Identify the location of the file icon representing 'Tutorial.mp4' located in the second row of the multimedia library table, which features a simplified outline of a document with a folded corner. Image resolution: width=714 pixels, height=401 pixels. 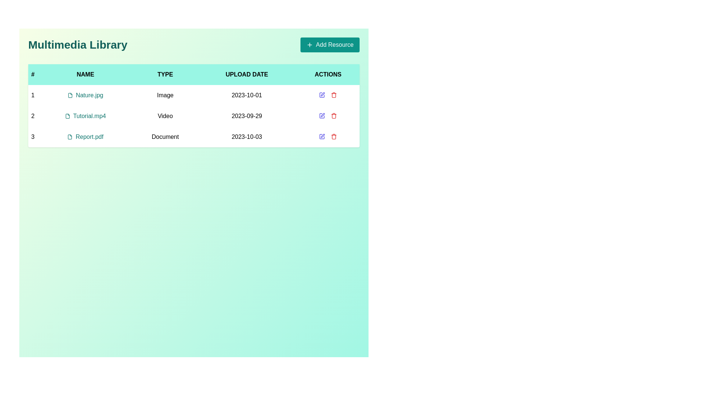
(67, 116).